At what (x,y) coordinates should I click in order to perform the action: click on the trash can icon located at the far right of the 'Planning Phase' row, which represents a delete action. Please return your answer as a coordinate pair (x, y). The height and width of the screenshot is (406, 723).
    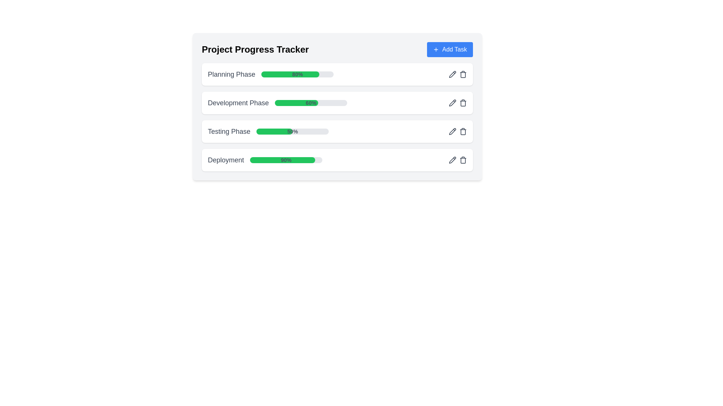
    Looking at the image, I should click on (462, 75).